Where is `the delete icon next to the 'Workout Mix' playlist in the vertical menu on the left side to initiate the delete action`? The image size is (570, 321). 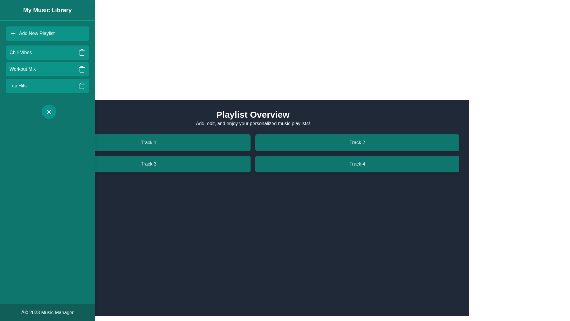 the delete icon next to the 'Workout Mix' playlist in the vertical menu on the left side to initiate the delete action is located at coordinates (81, 70).